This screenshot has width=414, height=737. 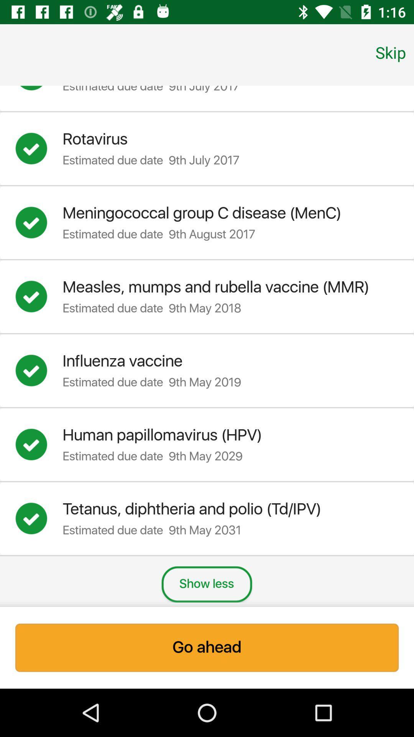 I want to click on item above the measles mumps and icon, so click(x=391, y=52).